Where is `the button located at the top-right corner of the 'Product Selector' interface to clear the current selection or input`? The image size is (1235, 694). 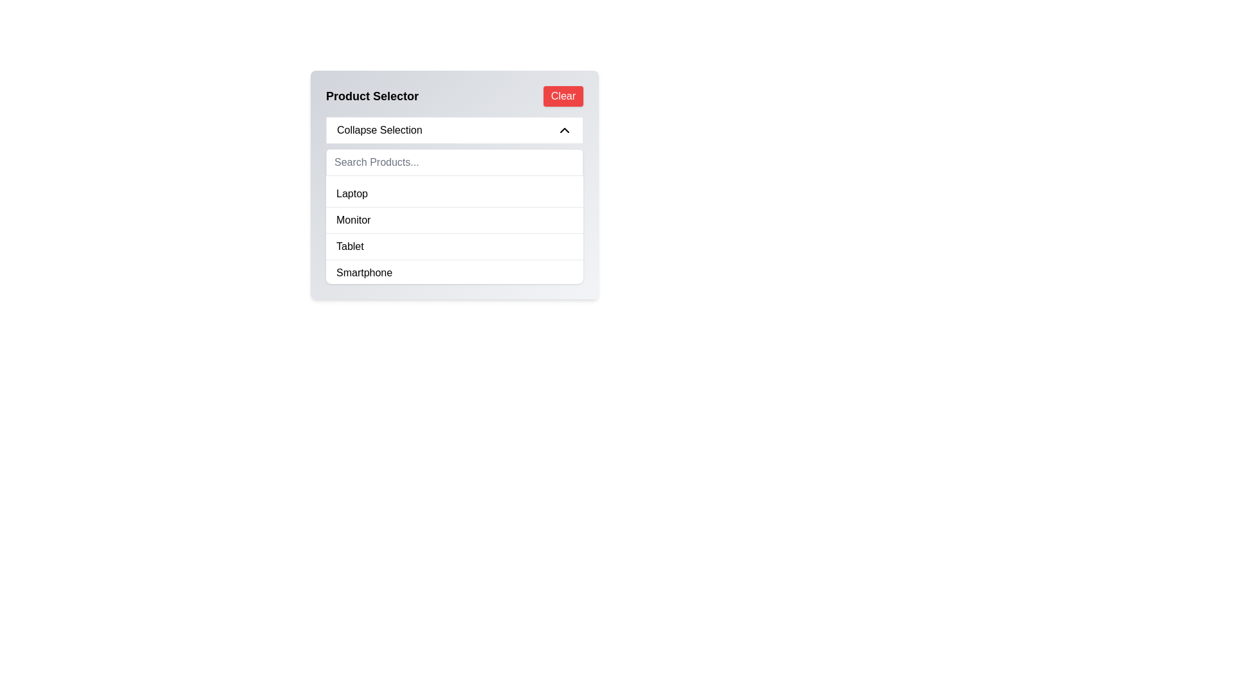 the button located at the top-right corner of the 'Product Selector' interface to clear the current selection or input is located at coordinates (563, 96).